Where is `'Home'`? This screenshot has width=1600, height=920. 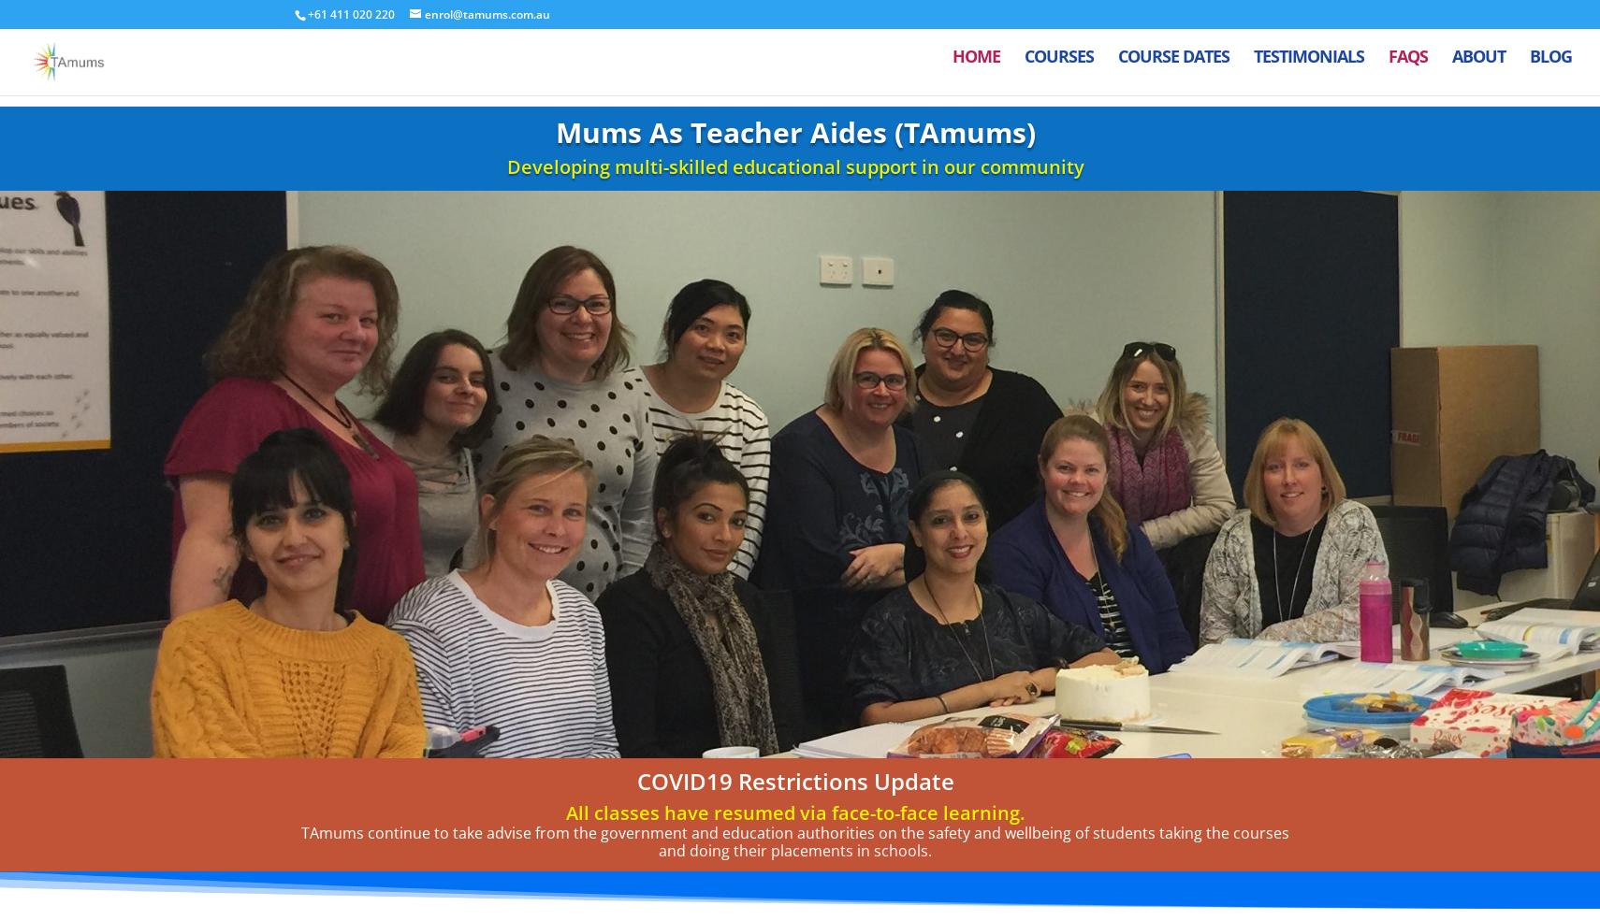 'Home' is located at coordinates (975, 67).